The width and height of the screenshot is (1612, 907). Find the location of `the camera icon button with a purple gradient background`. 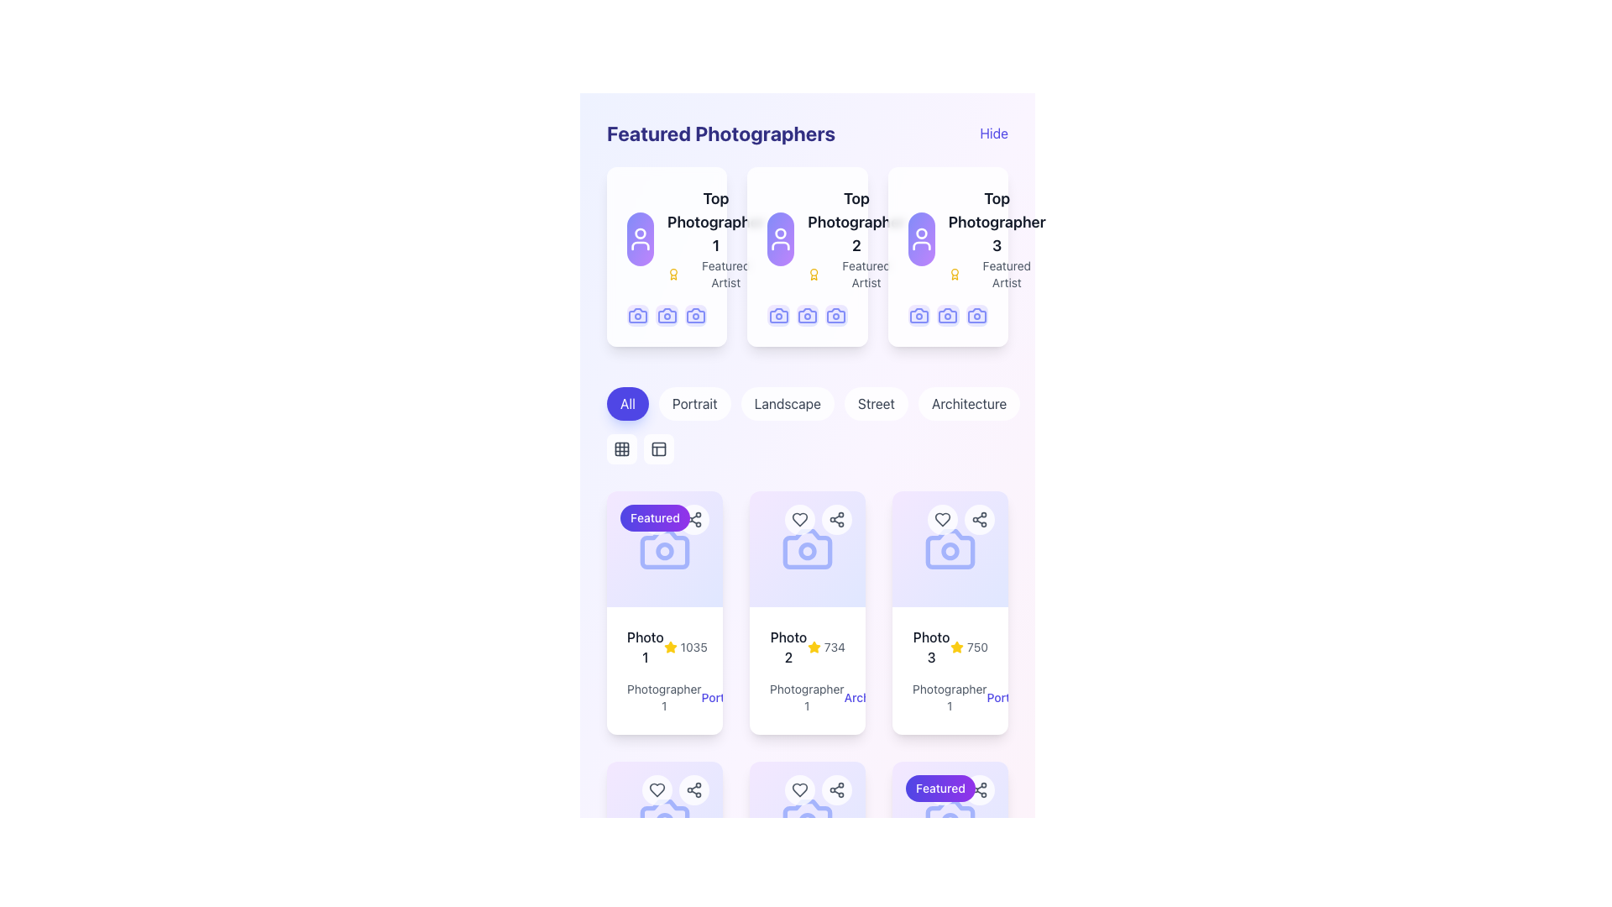

the camera icon button with a purple gradient background is located at coordinates (807, 316).